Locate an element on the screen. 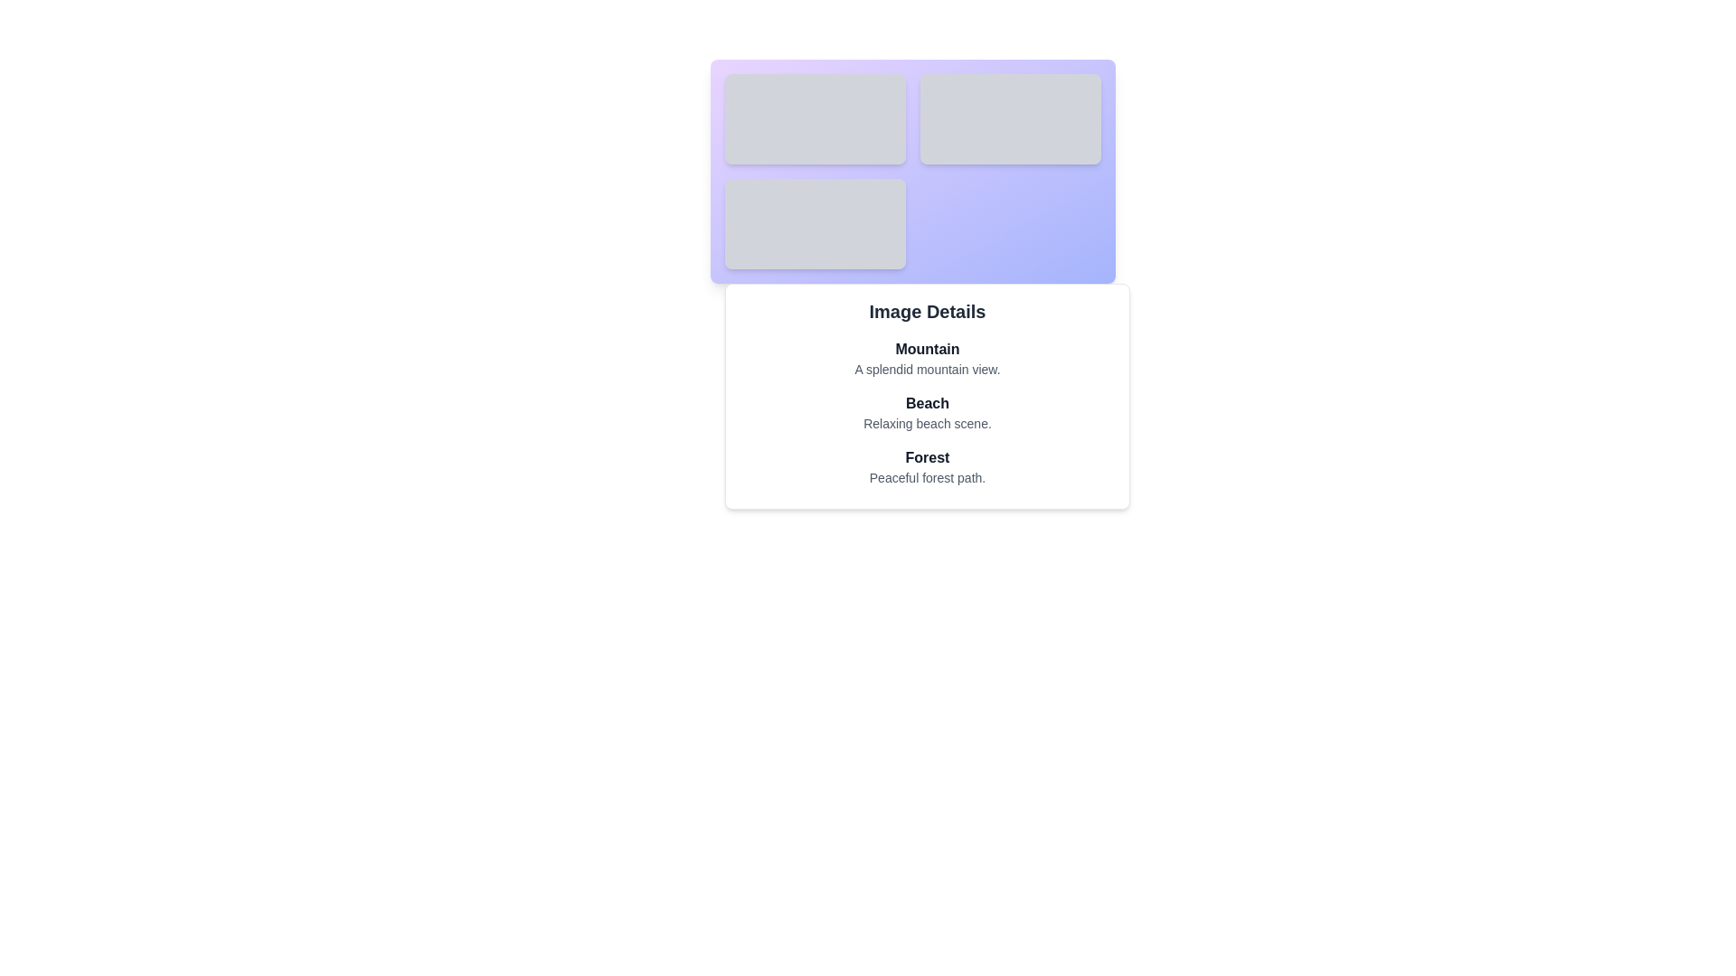 This screenshot has height=976, width=1736. the title text located at the top-center of the white card with rounded corners and shadow styling is located at coordinates (928, 310).